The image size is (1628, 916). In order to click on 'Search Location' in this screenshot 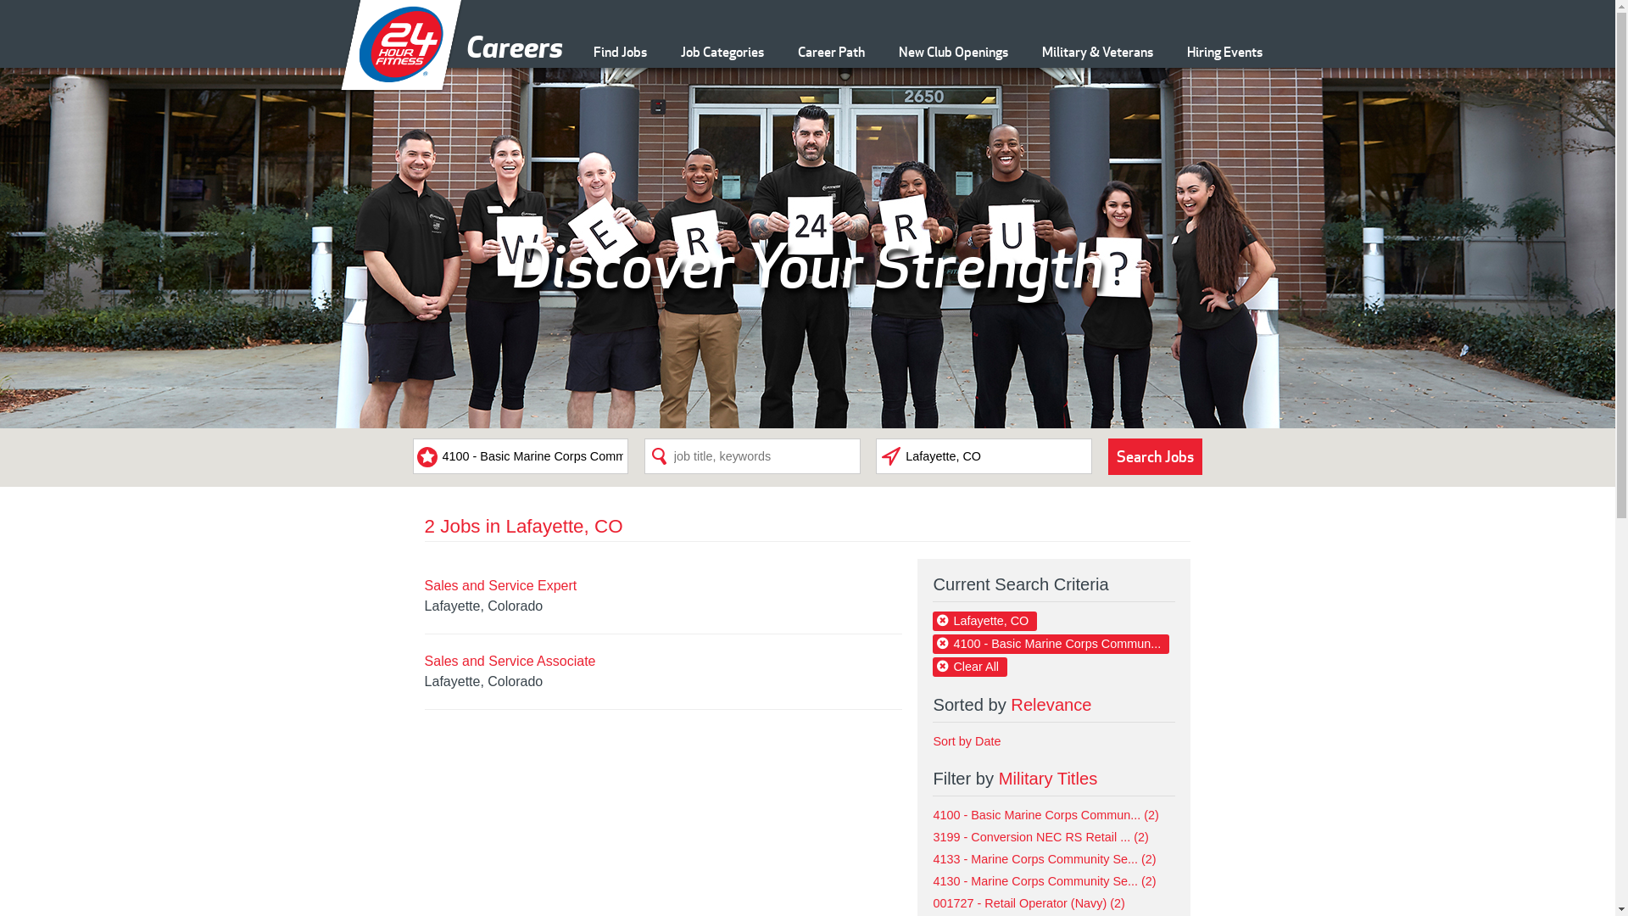, I will do `click(984, 455)`.